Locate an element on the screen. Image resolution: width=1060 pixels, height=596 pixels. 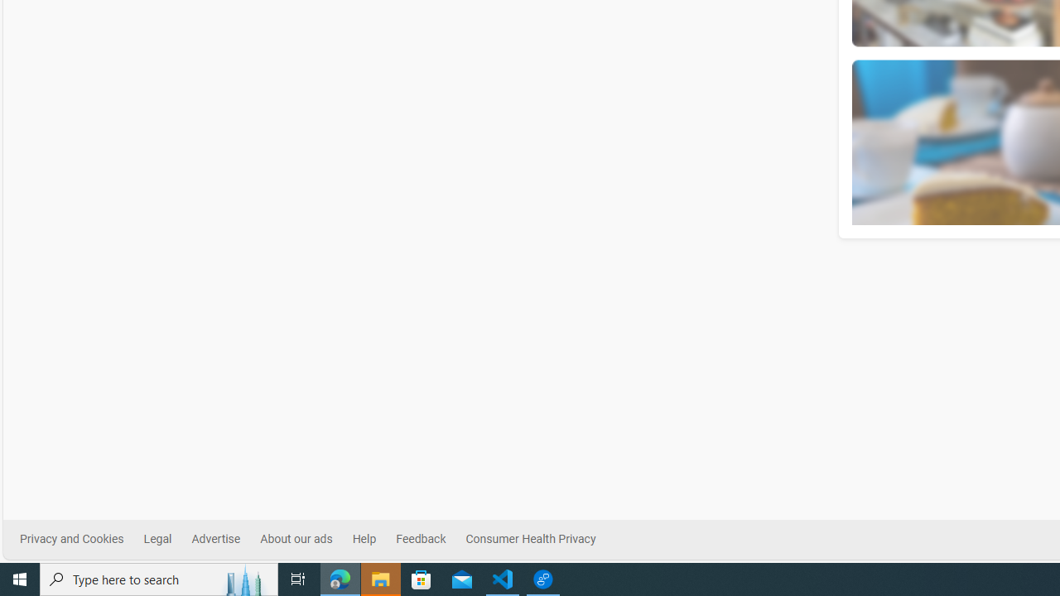
'Advertise' is located at coordinates (224, 539).